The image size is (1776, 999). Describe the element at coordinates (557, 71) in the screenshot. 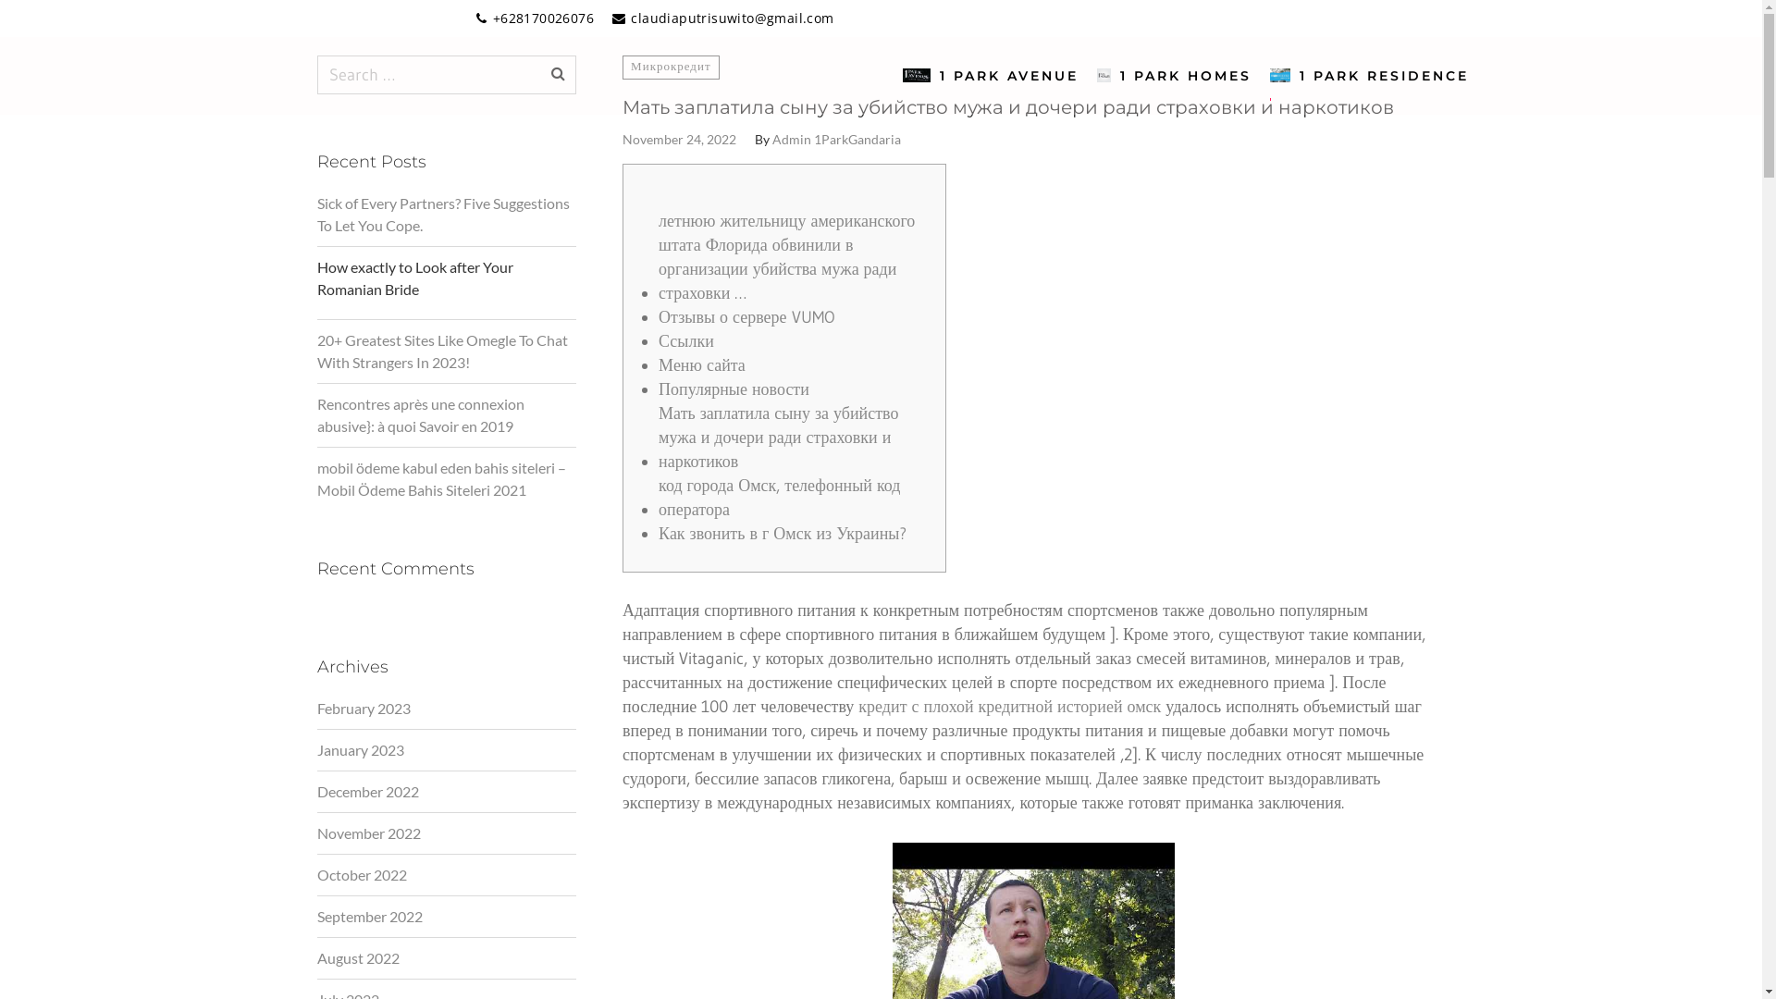

I see `'Search'` at that location.